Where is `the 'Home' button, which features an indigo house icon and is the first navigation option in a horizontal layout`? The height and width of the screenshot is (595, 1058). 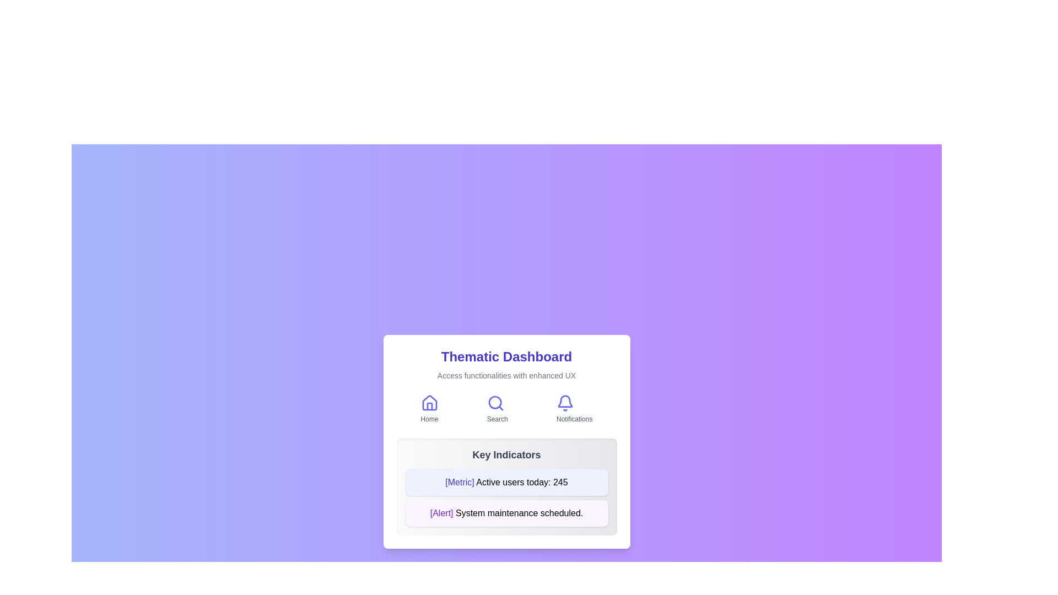
the 'Home' button, which features an indigo house icon and is the first navigation option in a horizontal layout is located at coordinates (429, 410).